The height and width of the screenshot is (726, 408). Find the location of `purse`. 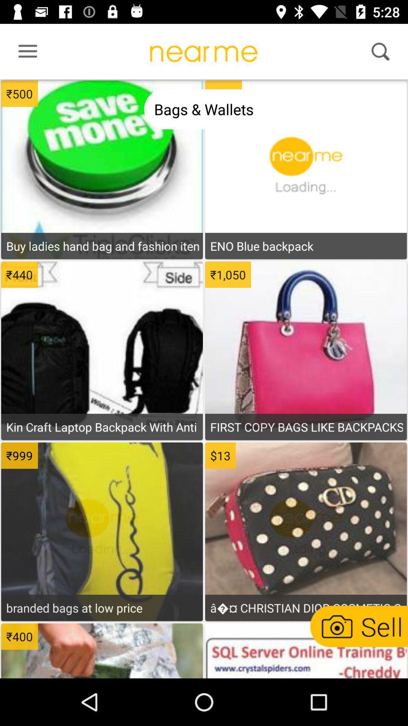

purse is located at coordinates (305, 542).